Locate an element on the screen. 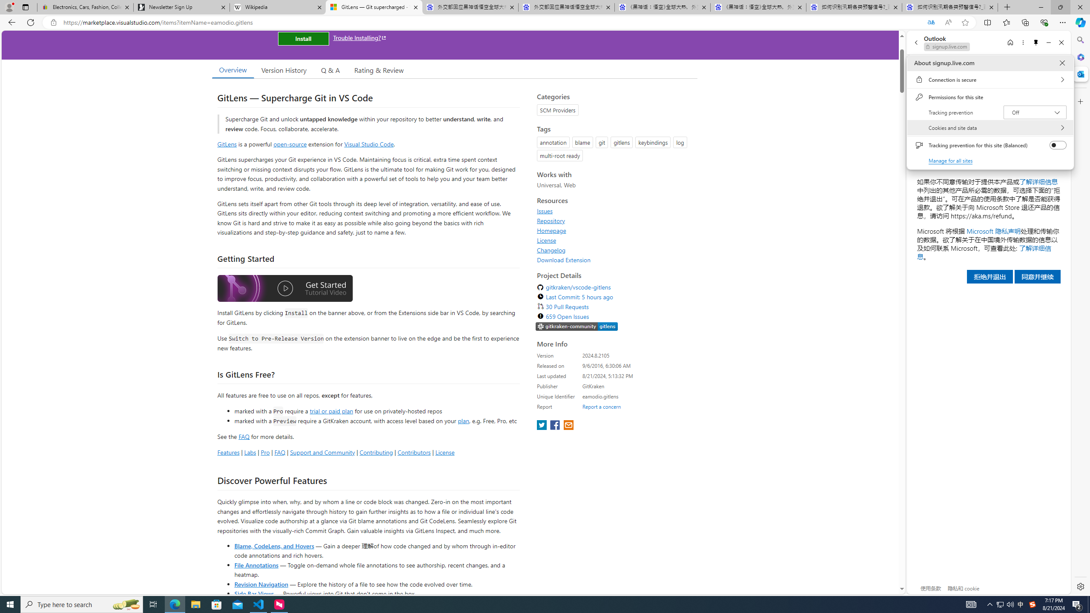 Image resolution: width=1090 pixels, height=613 pixels. 'Start' is located at coordinates (10, 604).